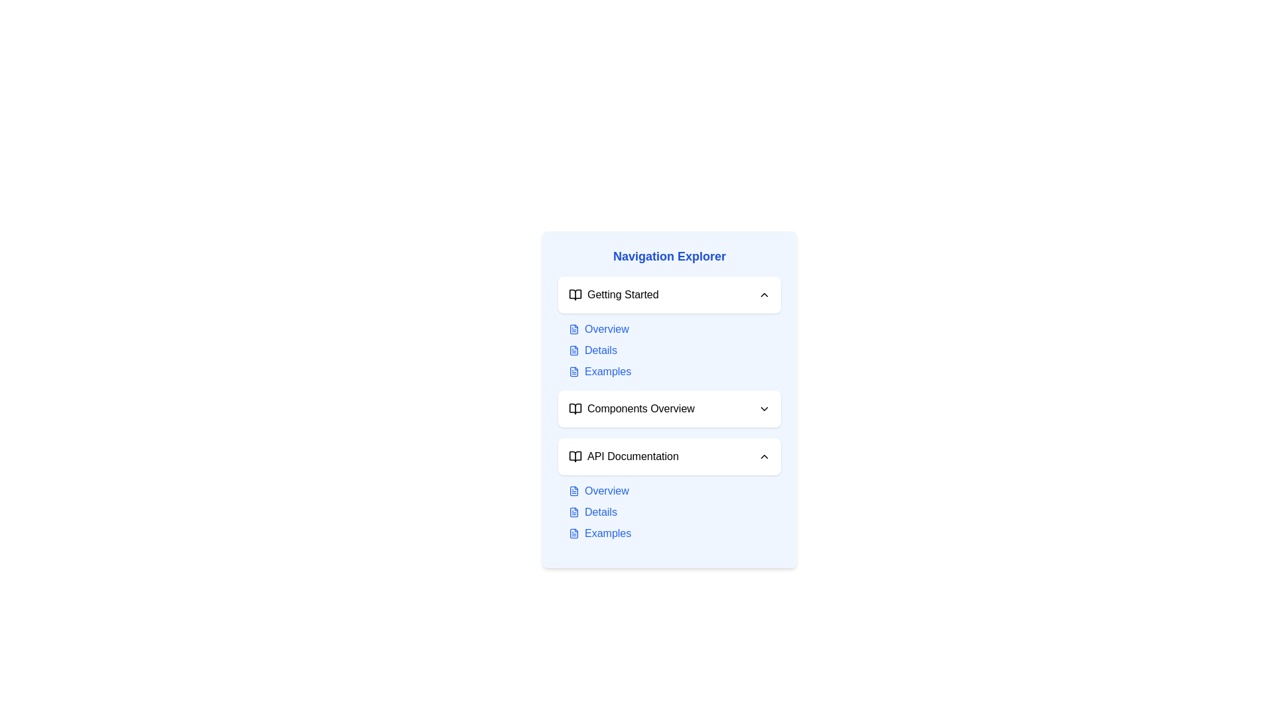  I want to click on the collapsible header labeled 'API Documentation' for navigation by moving the cursor to its center point, so click(669, 456).